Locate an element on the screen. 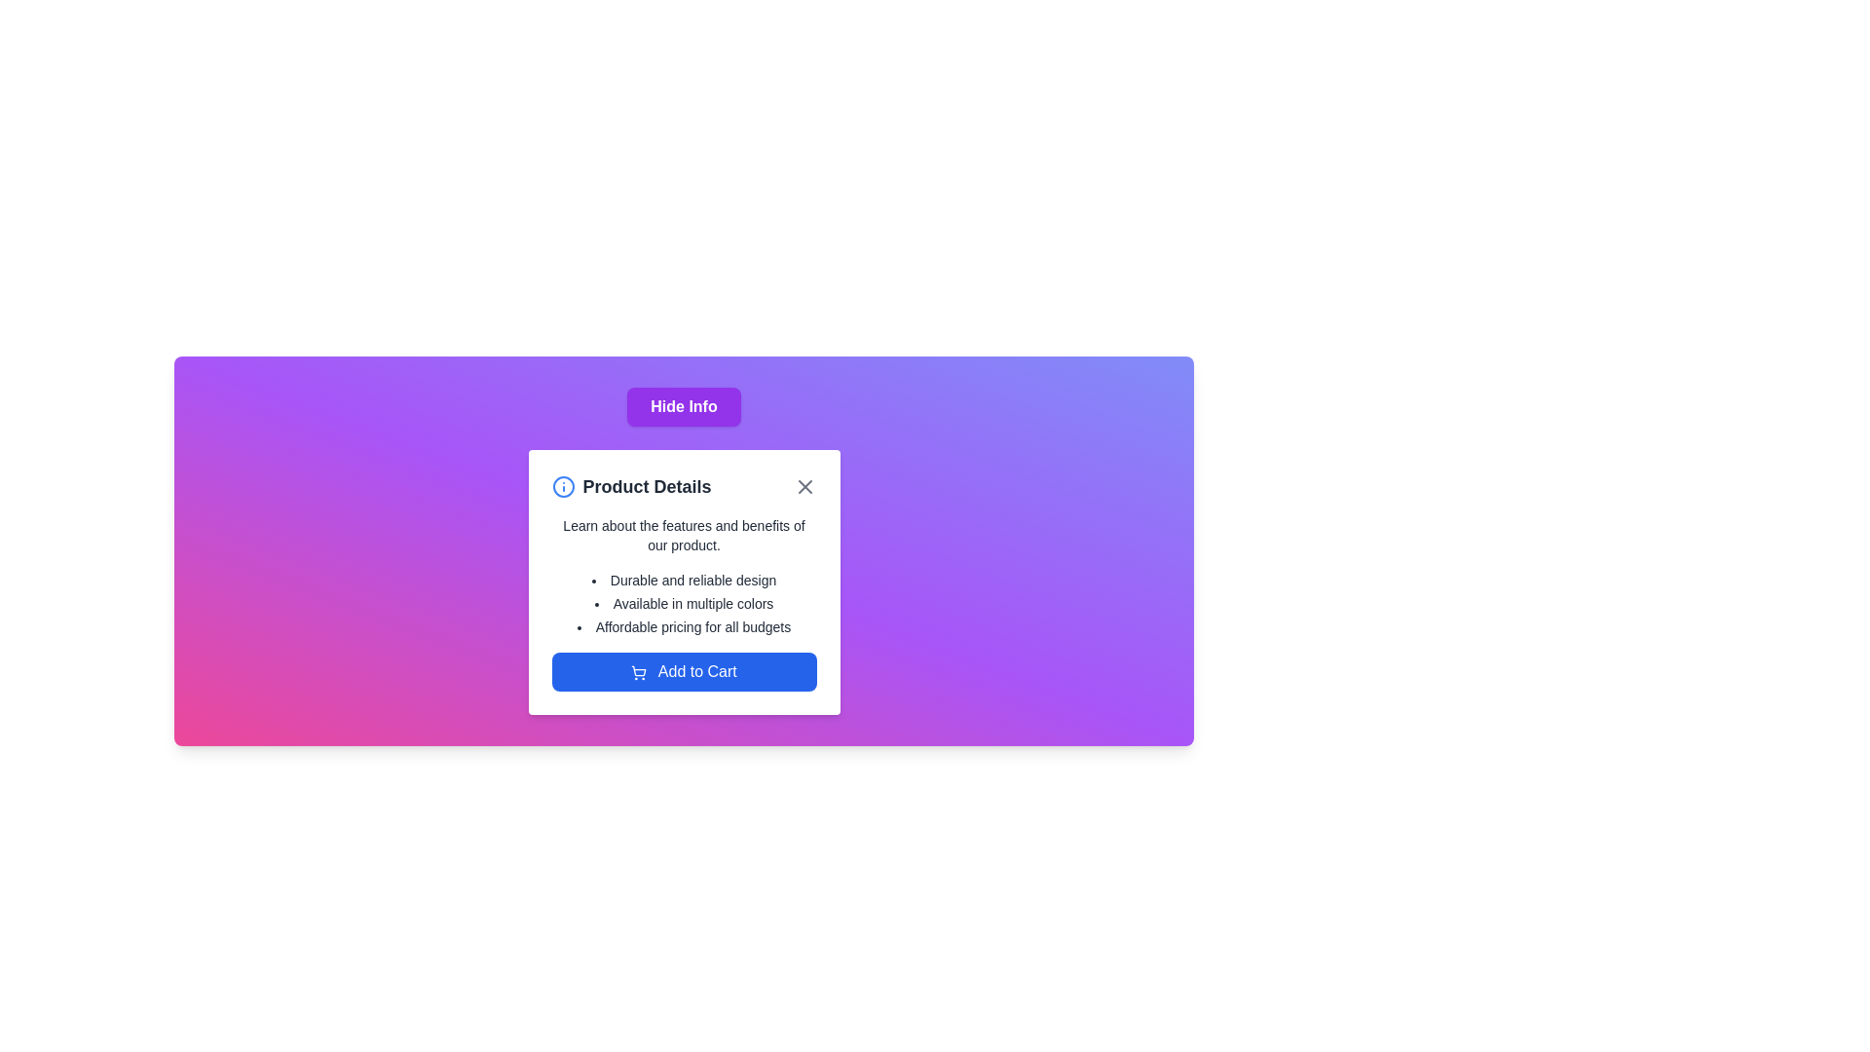  text block that says 'Product Details', which is styled in a bold font and located centrally within the card above the descriptive text is located at coordinates (631, 486).